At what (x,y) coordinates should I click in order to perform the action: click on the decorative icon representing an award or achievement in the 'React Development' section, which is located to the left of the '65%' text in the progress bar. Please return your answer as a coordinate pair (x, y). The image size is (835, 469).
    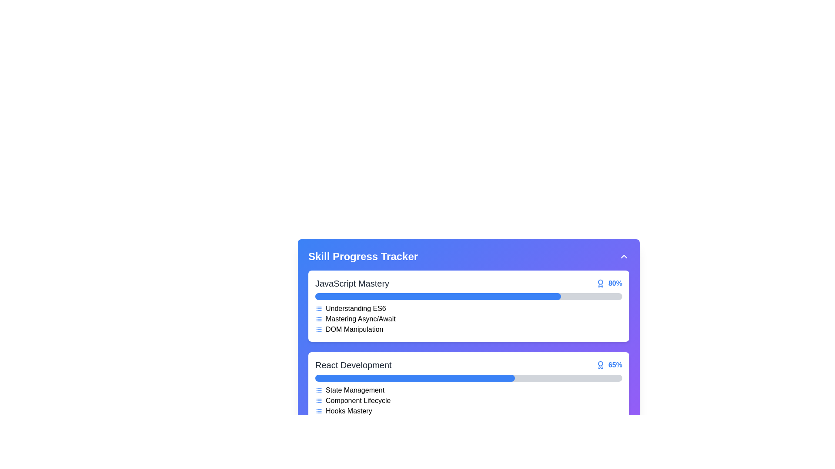
    Looking at the image, I should click on (600, 365).